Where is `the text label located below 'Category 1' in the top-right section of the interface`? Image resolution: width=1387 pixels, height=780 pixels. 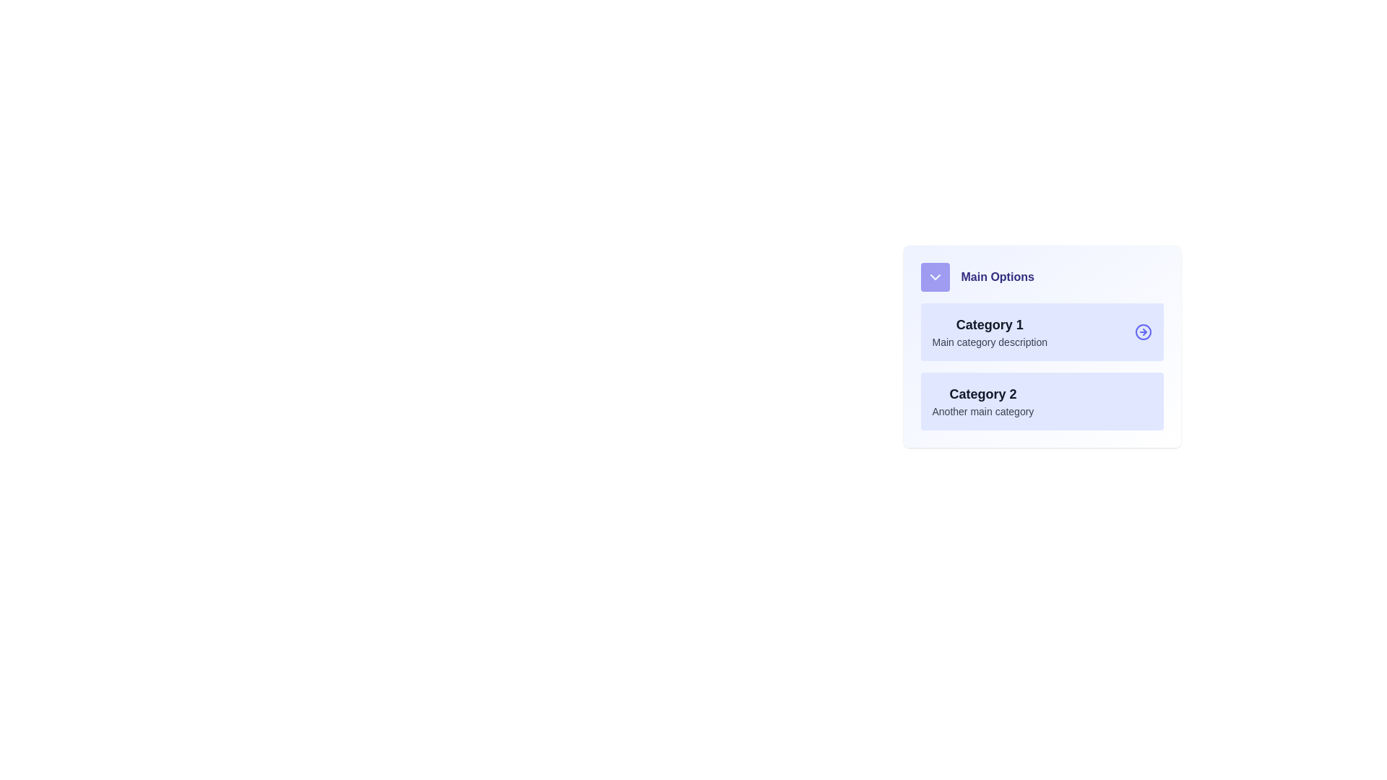 the text label located below 'Category 1' in the top-right section of the interface is located at coordinates (989, 342).